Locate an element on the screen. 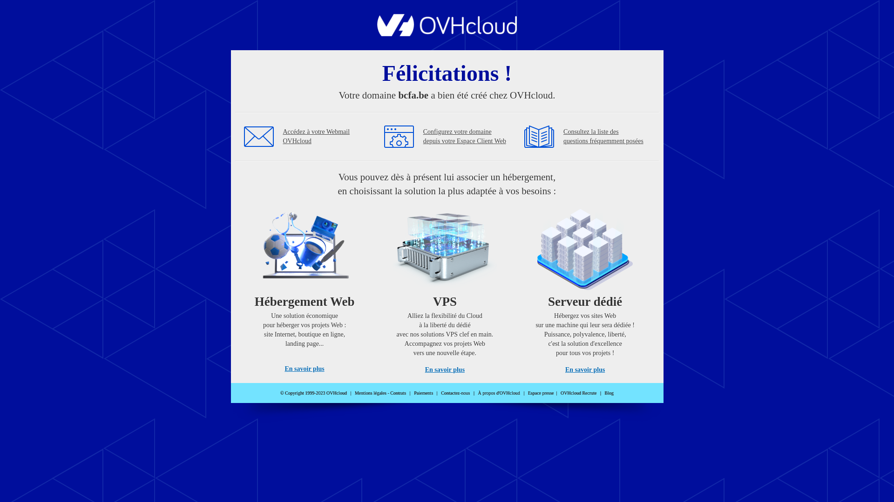 This screenshot has width=894, height=502. 'Contactez-nous' is located at coordinates (455, 393).